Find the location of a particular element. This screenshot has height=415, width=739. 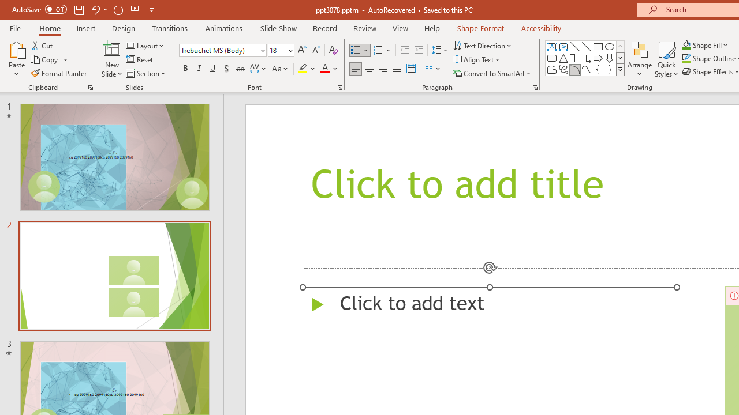

'Shape Outline Green, Accent 1' is located at coordinates (686, 58).